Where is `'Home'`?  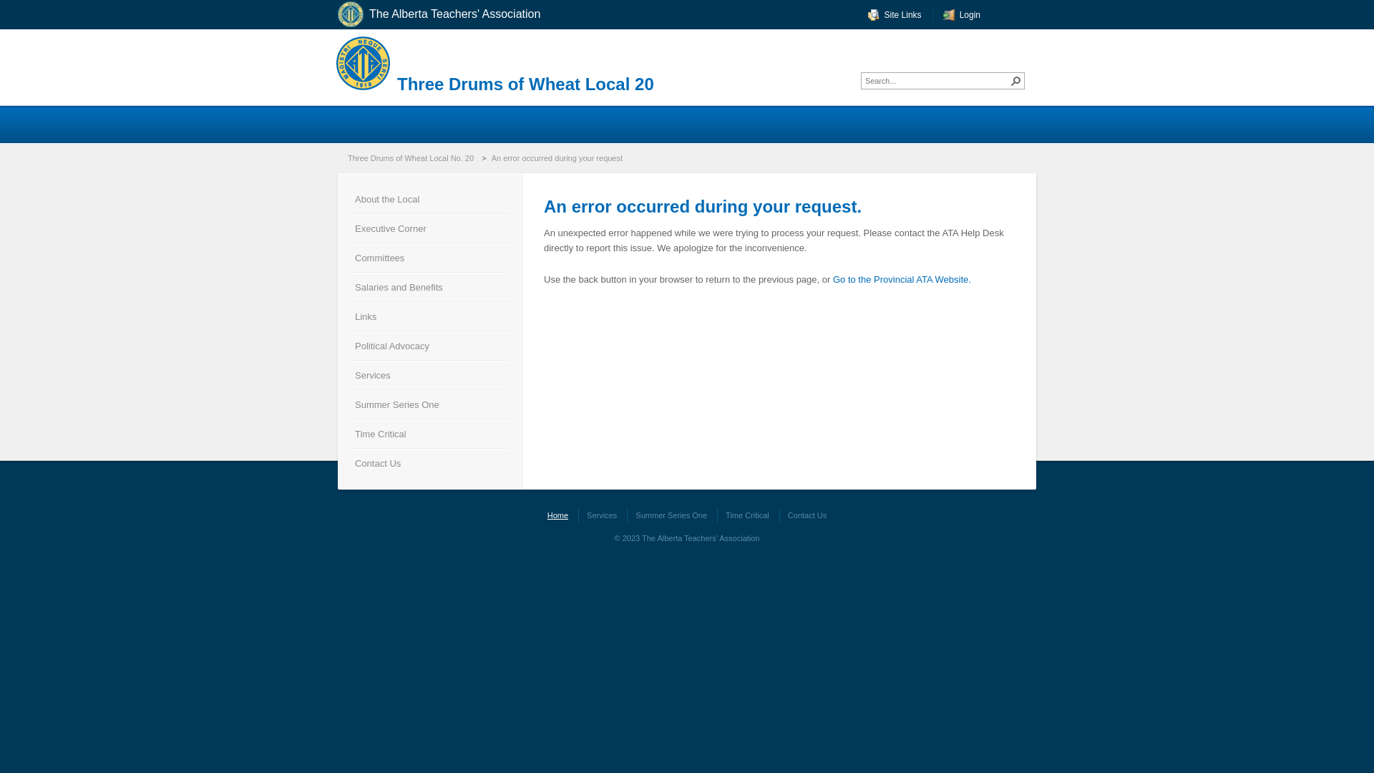 'Home' is located at coordinates (557, 515).